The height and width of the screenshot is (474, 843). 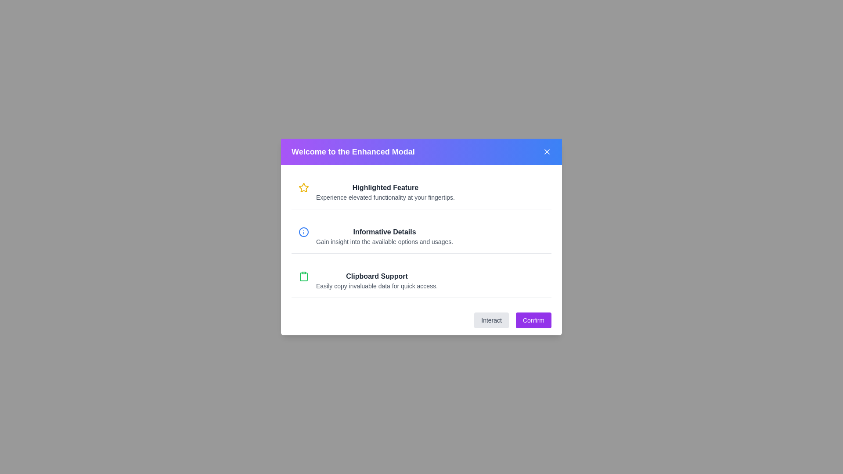 What do you see at coordinates (385, 236) in the screenshot?
I see `the Text block titled 'Informative Details', which contains a description about available options and usages` at bounding box center [385, 236].